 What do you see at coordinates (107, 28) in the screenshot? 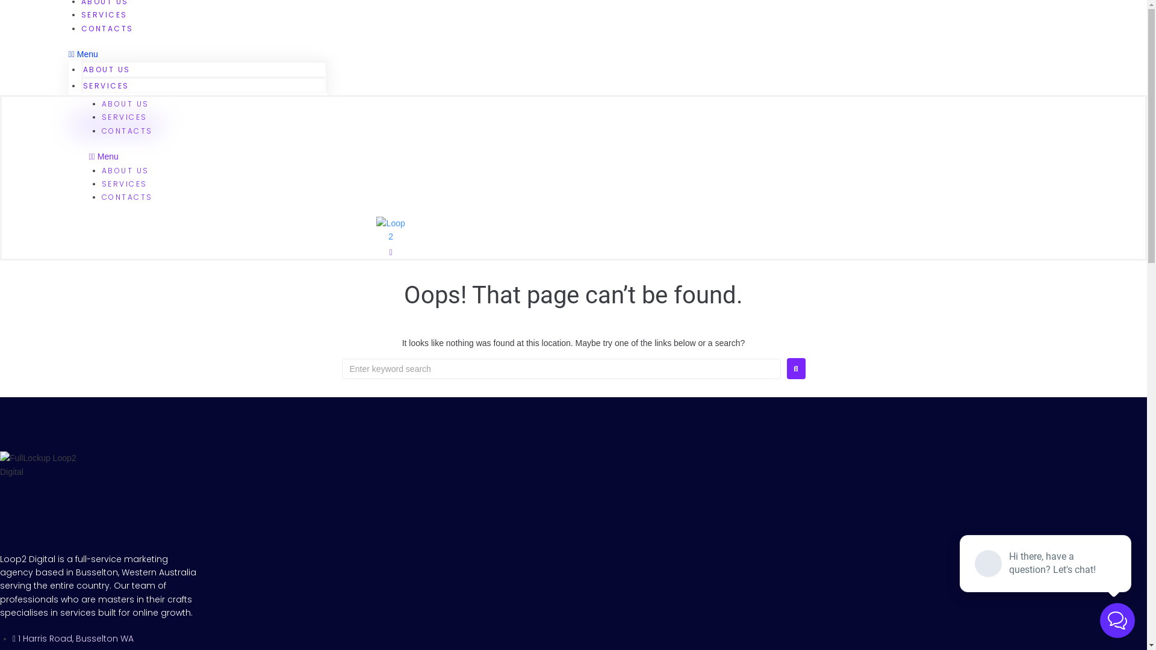
I see `'CONTACTS'` at bounding box center [107, 28].